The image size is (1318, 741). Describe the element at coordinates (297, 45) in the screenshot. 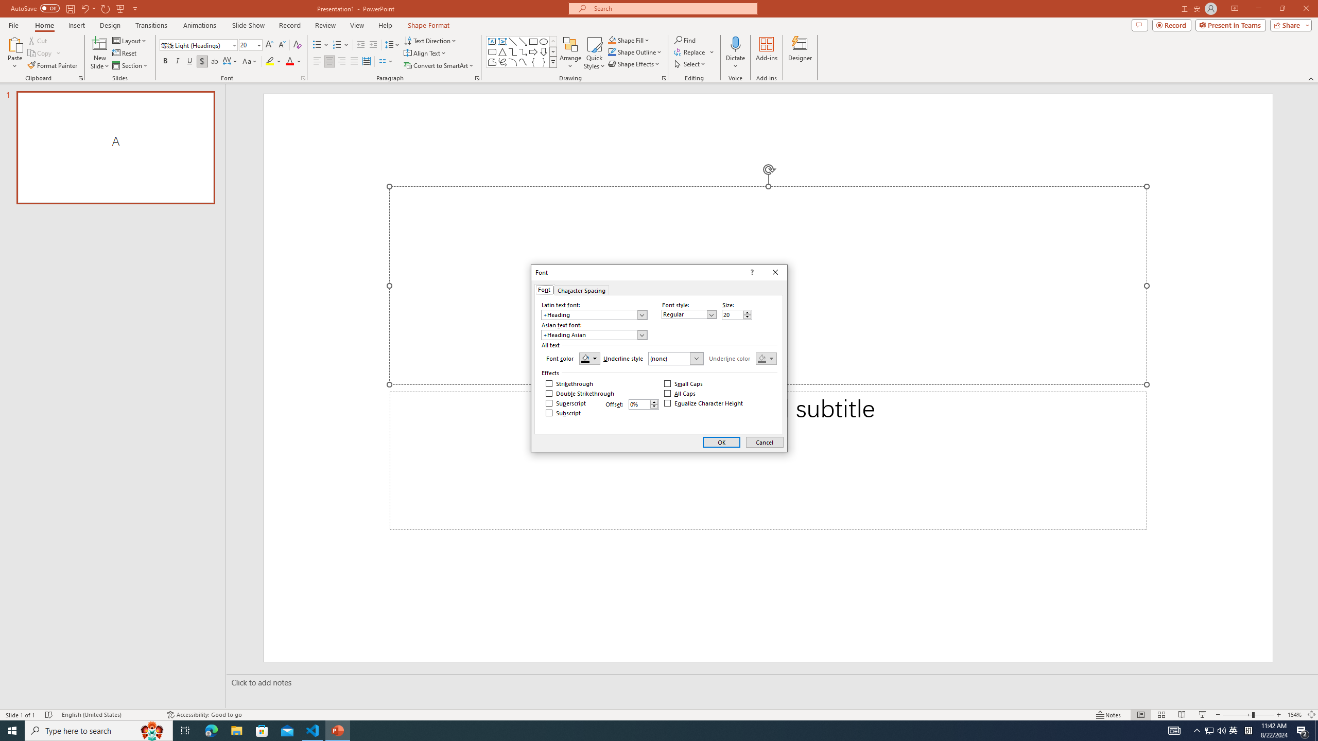

I see `'Clear Formatting'` at that location.